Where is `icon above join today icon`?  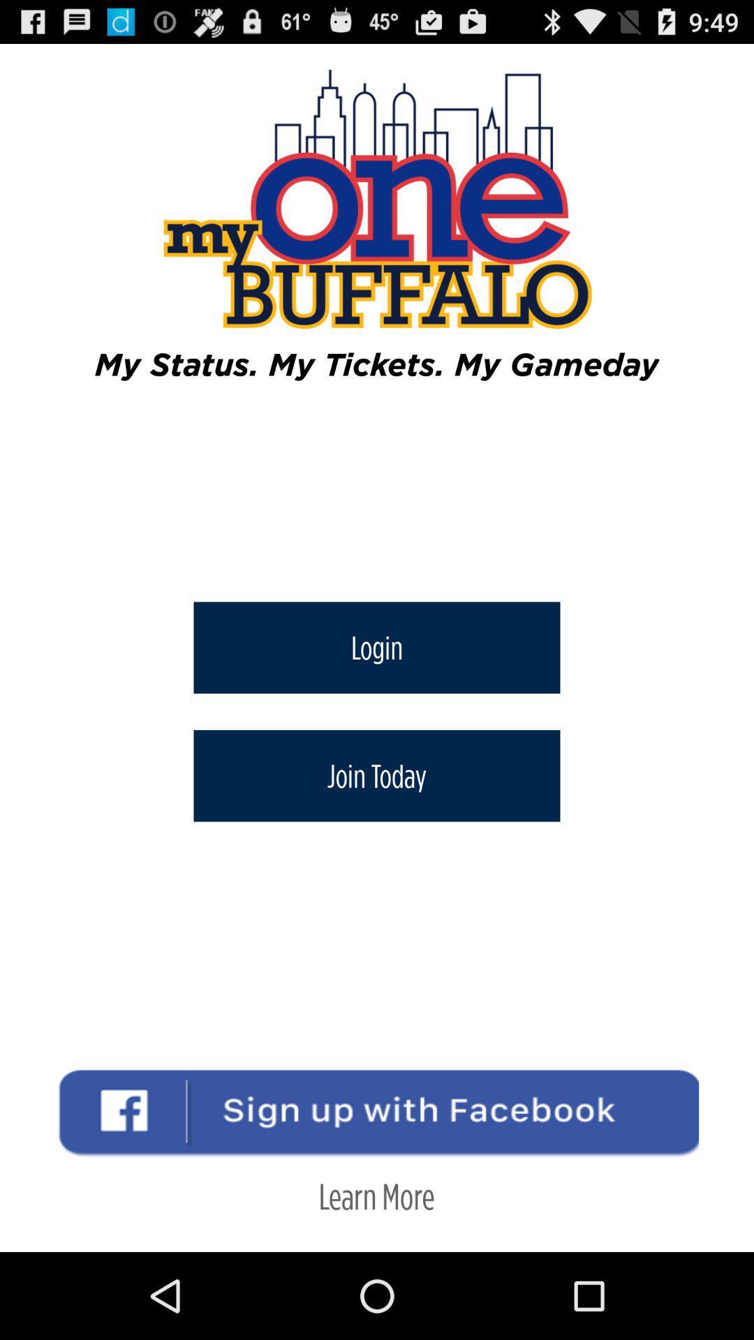 icon above join today icon is located at coordinates (377, 647).